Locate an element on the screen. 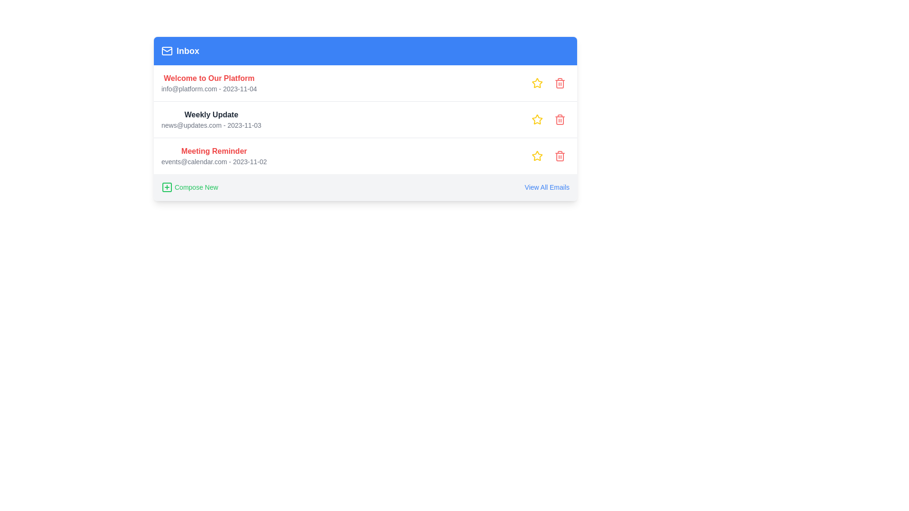 The image size is (909, 511). the envelope icon located in the top-left corner of the header bar, which has a blue background and precedes the 'Inbox' label is located at coordinates (167, 51).